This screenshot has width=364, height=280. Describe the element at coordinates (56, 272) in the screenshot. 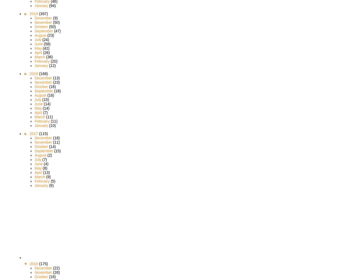

I see `'(28)'` at that location.